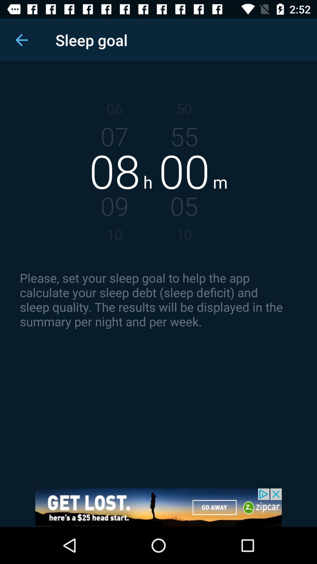 This screenshot has height=564, width=317. I want to click on advertisement, so click(158, 507).